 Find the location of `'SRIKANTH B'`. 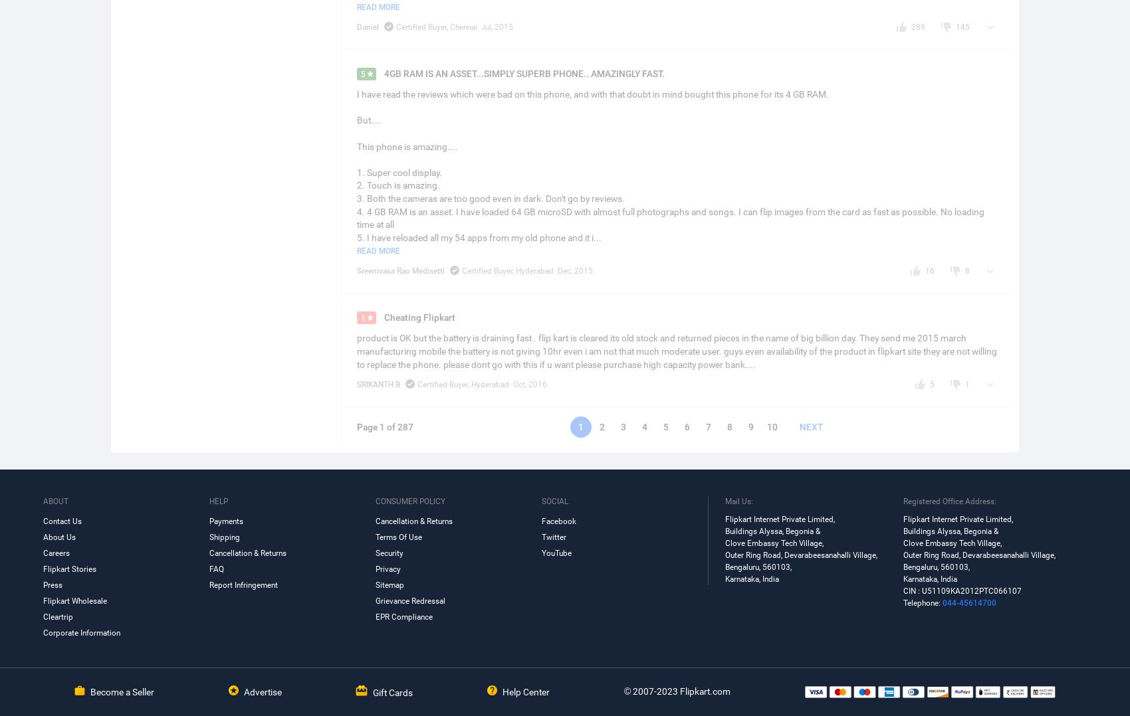

'SRIKANTH B' is located at coordinates (377, 384).